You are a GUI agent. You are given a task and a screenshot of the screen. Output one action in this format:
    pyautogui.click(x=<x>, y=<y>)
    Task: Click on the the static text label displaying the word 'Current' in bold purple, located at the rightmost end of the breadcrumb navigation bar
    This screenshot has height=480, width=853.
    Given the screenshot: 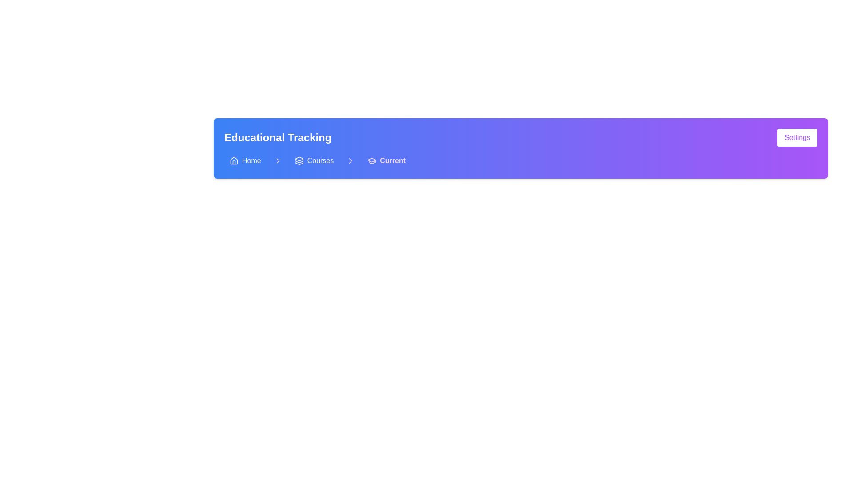 What is the action you would take?
    pyautogui.click(x=392, y=161)
    